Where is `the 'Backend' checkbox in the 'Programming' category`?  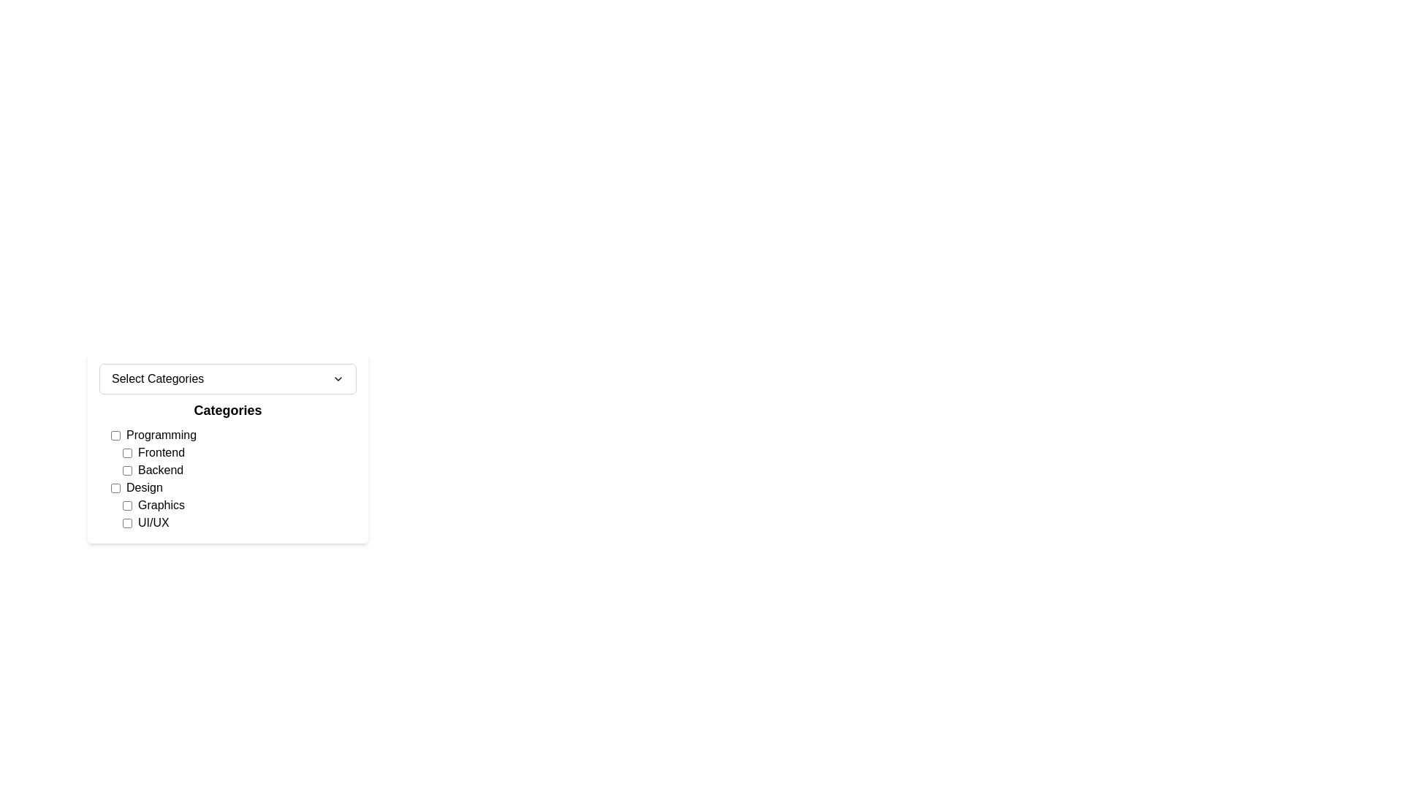 the 'Backend' checkbox in the 'Programming' category is located at coordinates (239, 470).